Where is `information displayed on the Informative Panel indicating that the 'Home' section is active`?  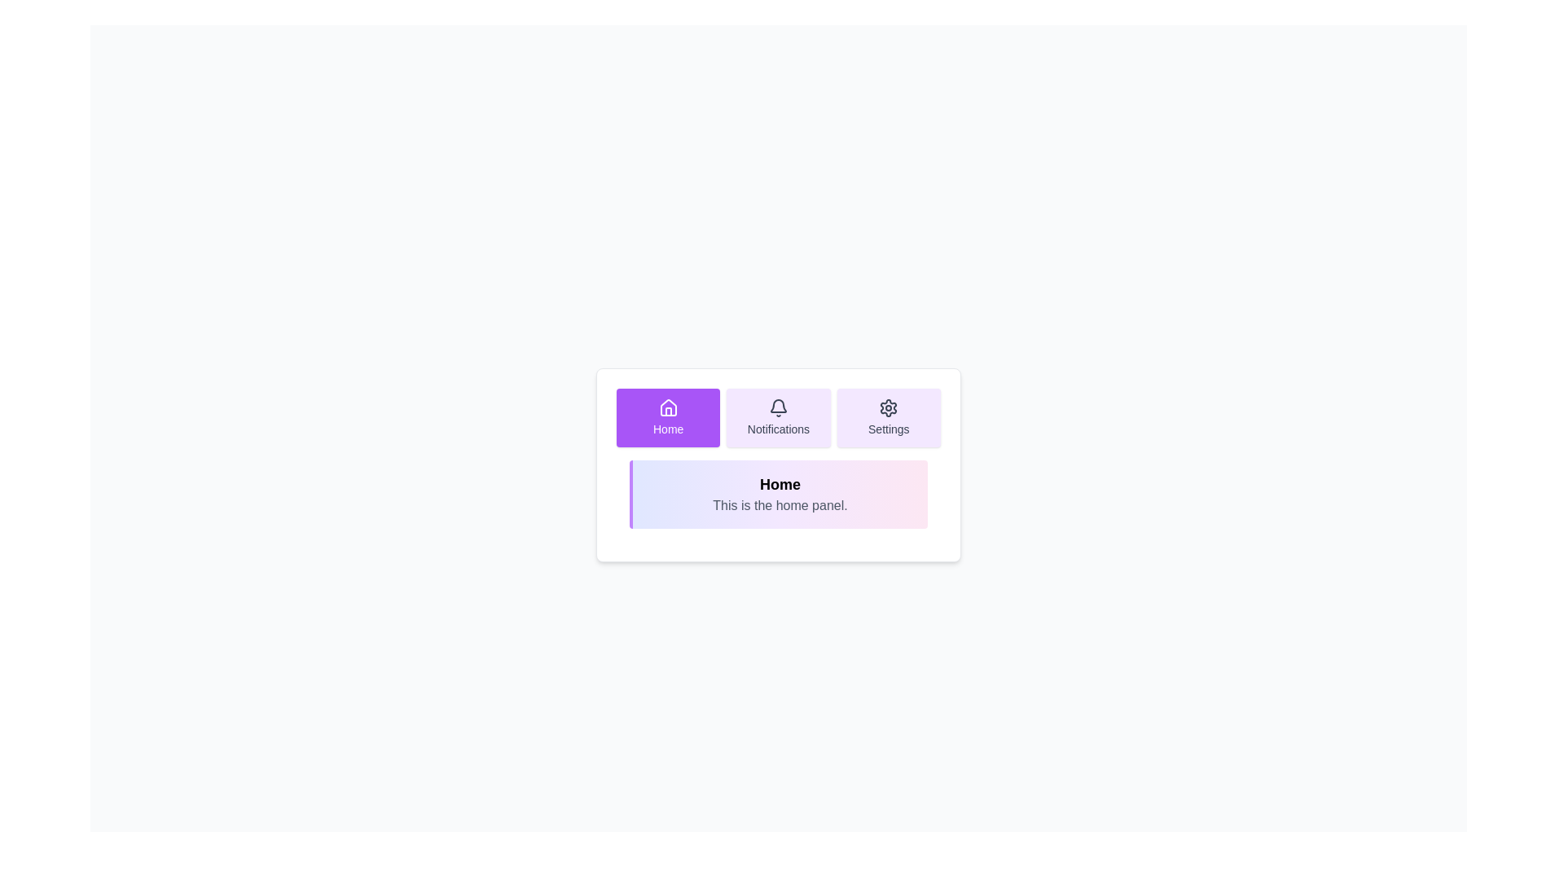 information displayed on the Informative Panel indicating that the 'Home' section is active is located at coordinates (777, 464).